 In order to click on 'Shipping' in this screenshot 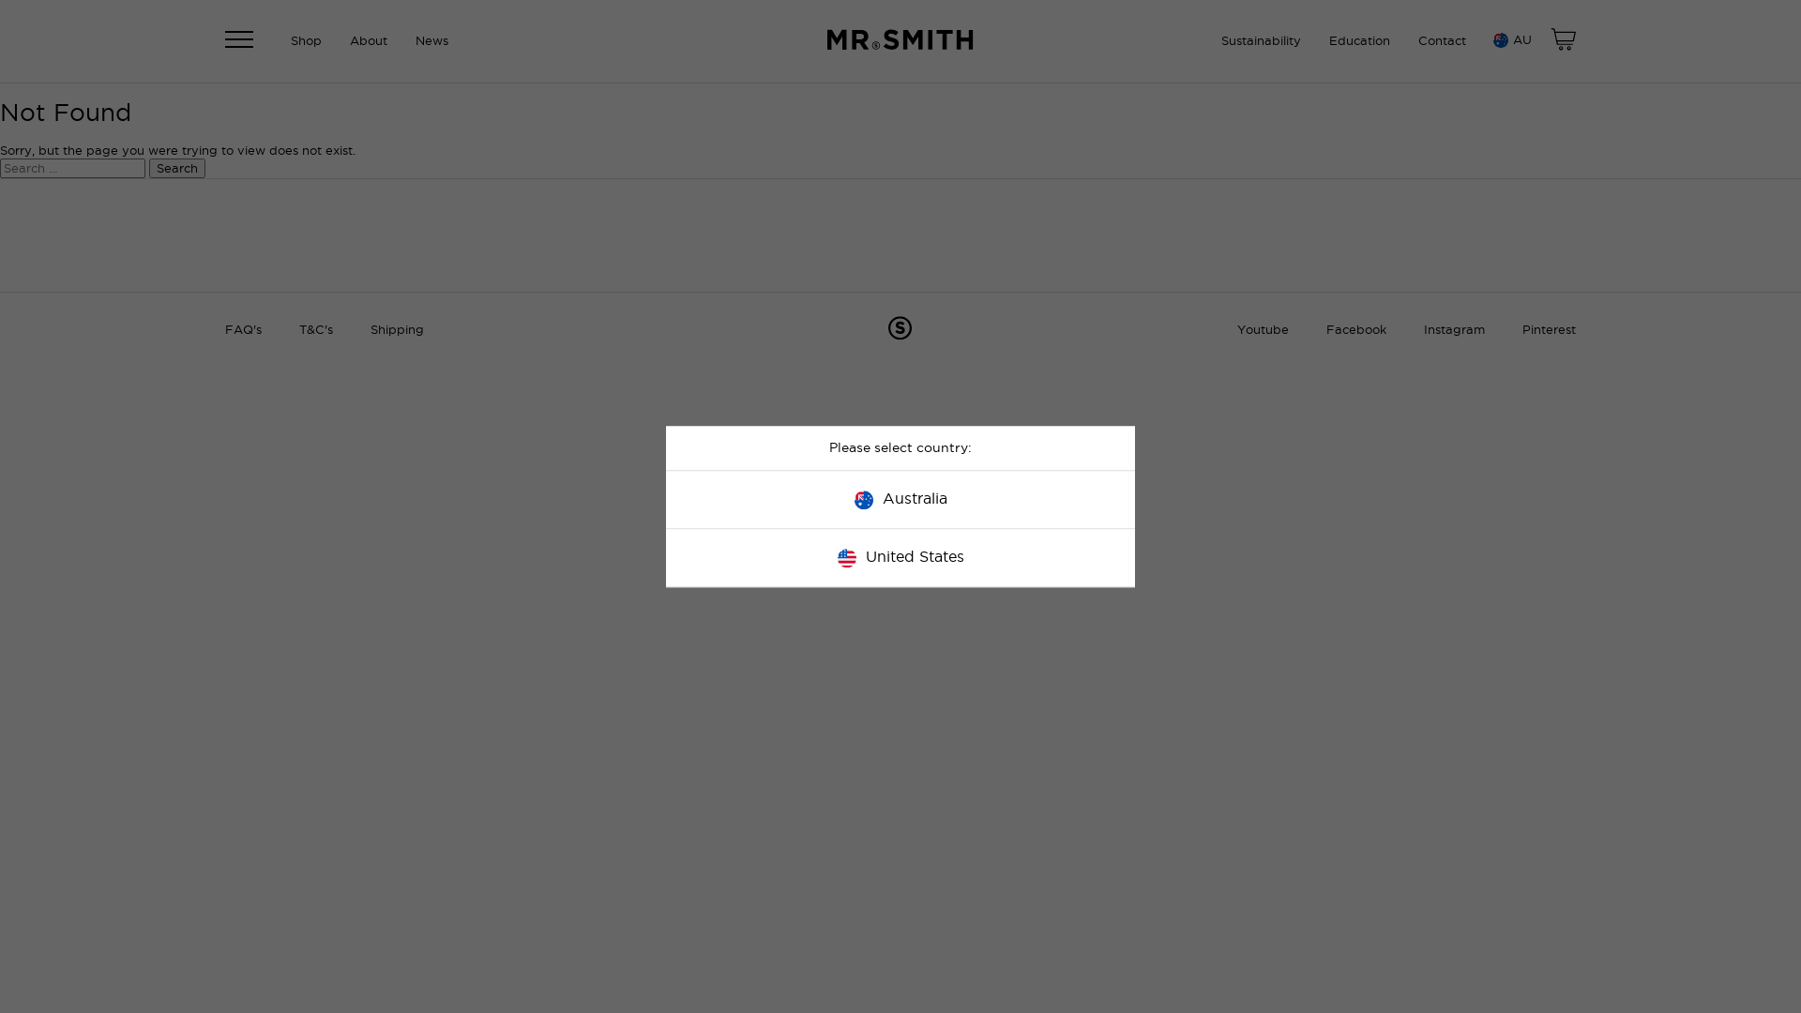, I will do `click(370, 328)`.